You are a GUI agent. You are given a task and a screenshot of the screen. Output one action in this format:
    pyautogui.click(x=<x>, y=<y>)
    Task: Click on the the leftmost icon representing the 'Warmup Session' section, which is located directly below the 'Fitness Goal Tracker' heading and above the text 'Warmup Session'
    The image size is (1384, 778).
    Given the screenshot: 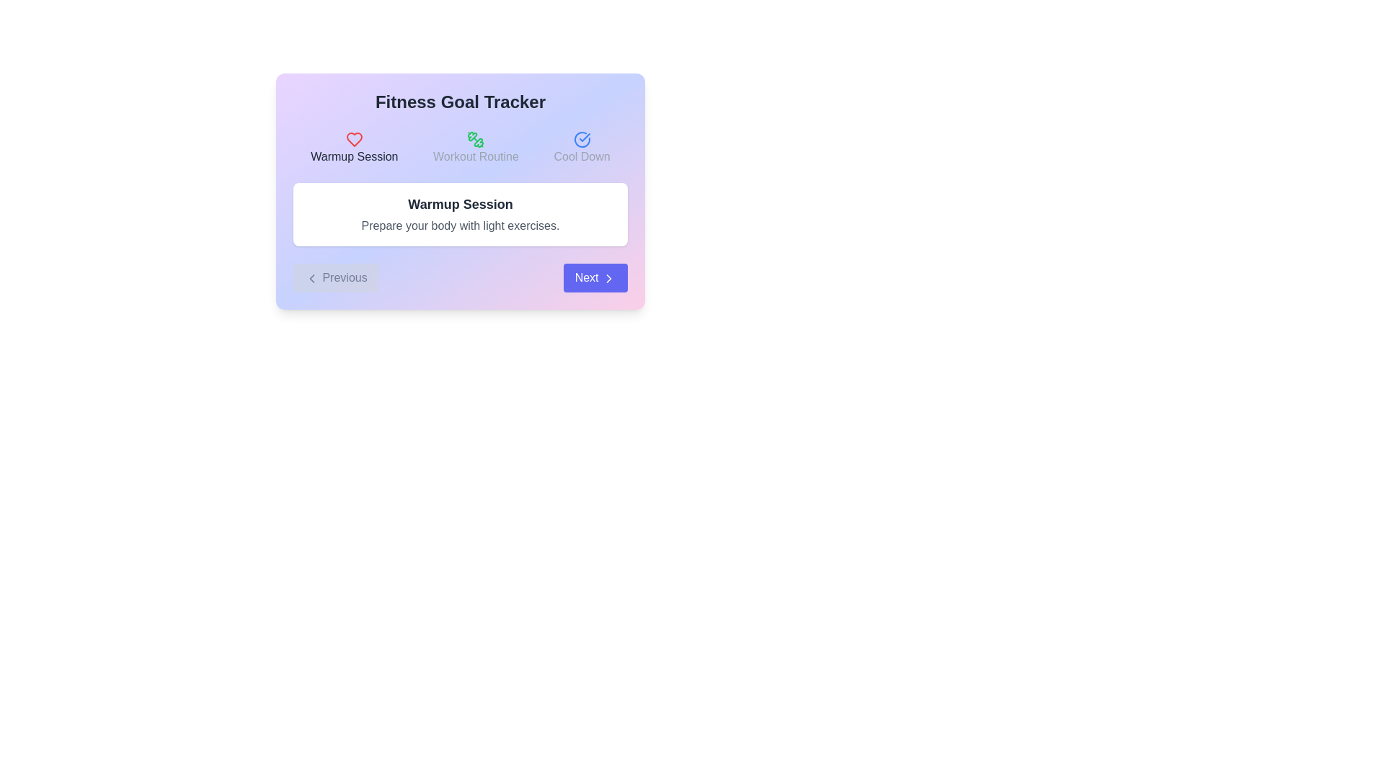 What is the action you would take?
    pyautogui.click(x=354, y=139)
    